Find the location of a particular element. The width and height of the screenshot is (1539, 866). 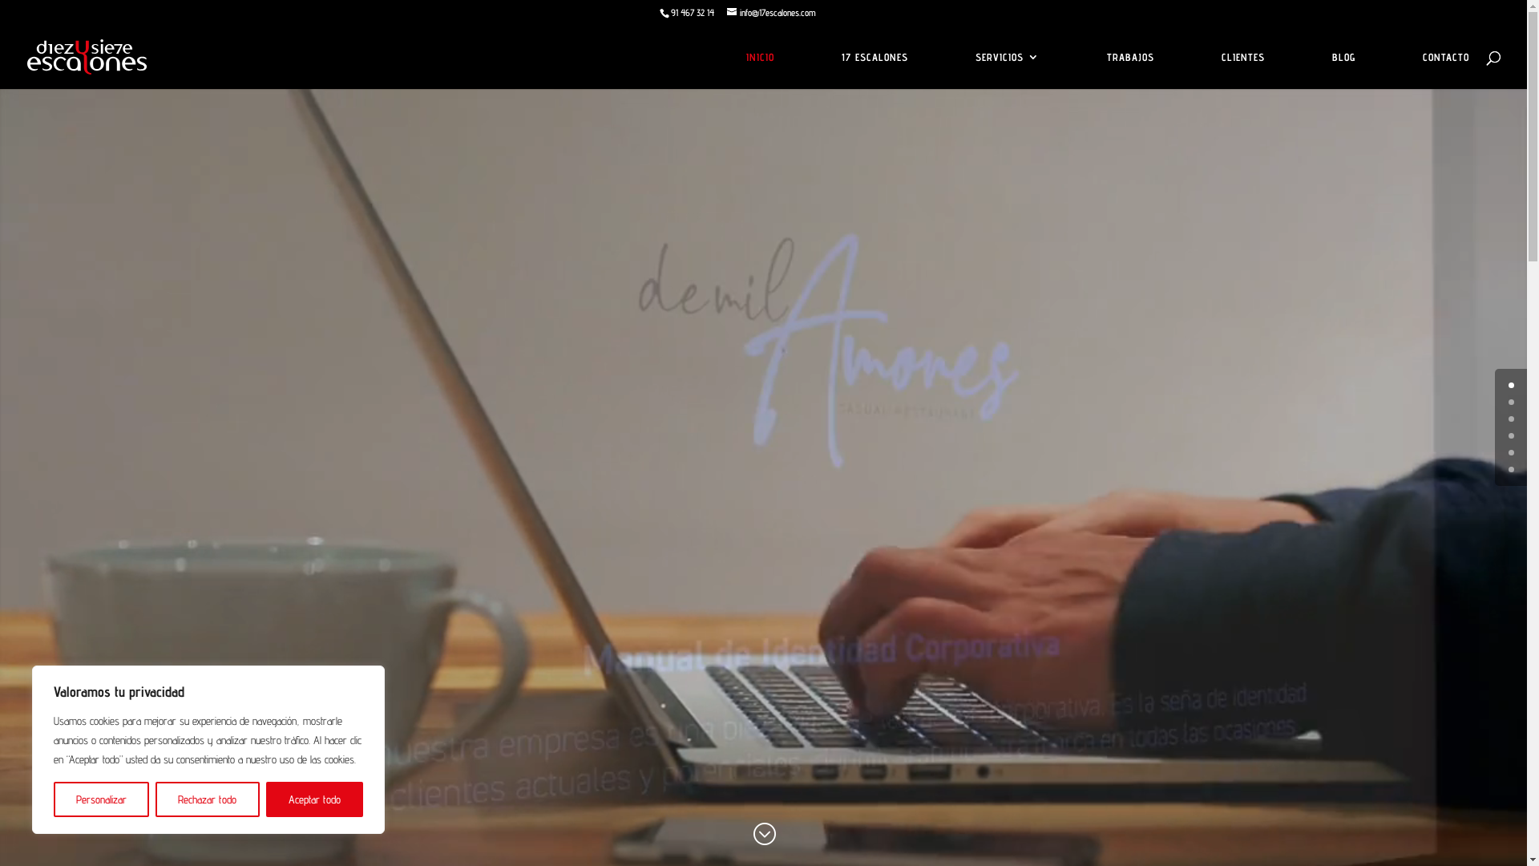

'2' is located at coordinates (1510, 418).